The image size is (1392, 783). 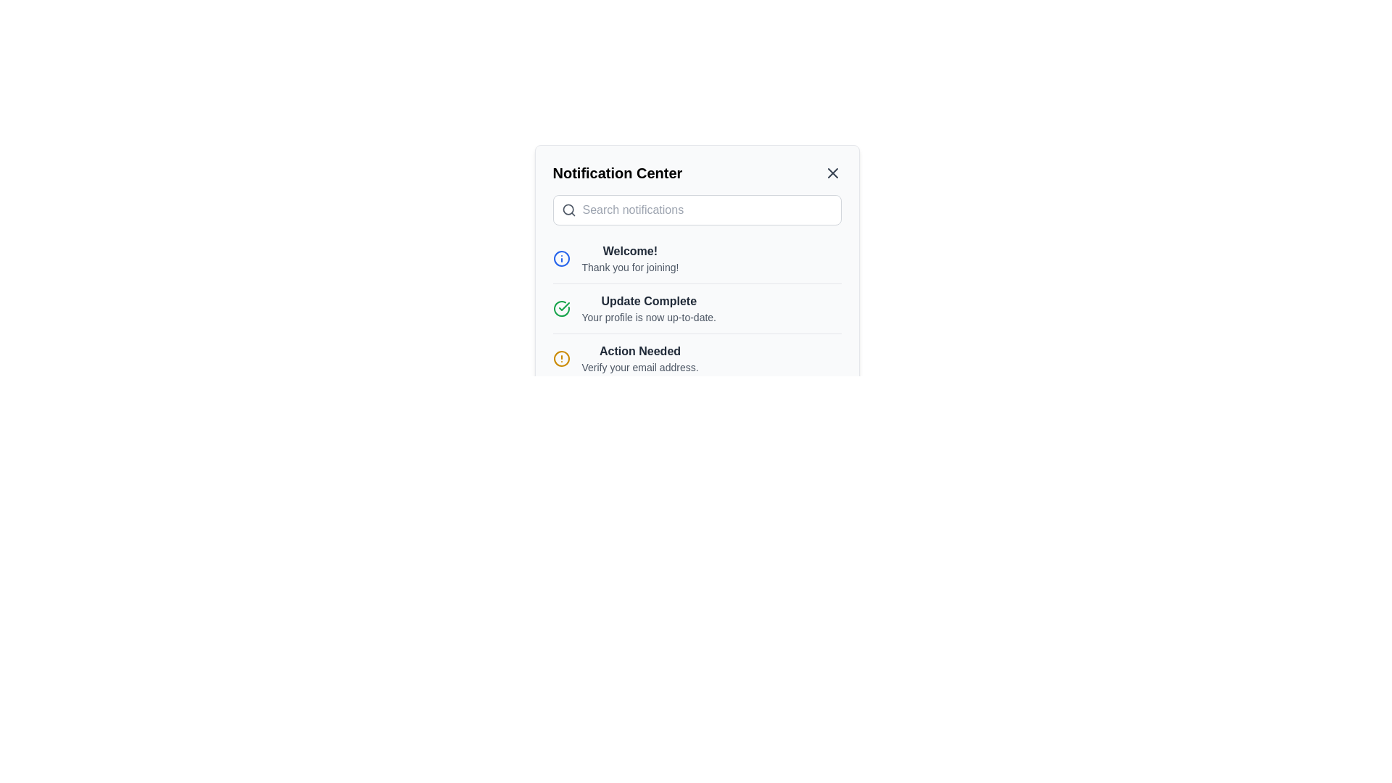 I want to click on the circular indicator within the notification or alert icon, which is located next to the 'Action Needed' text in the 'Notification Center' user interface, indicating a yellow alert, so click(x=560, y=358).